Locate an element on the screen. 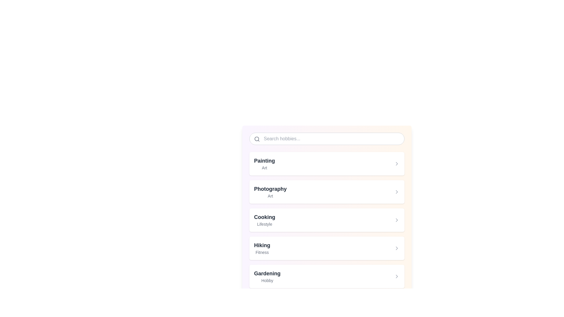  the text label that says 'Painting' in bold and 'Art' in smaller font, which is the first item in a vertical list under a search bar is located at coordinates (264, 164).